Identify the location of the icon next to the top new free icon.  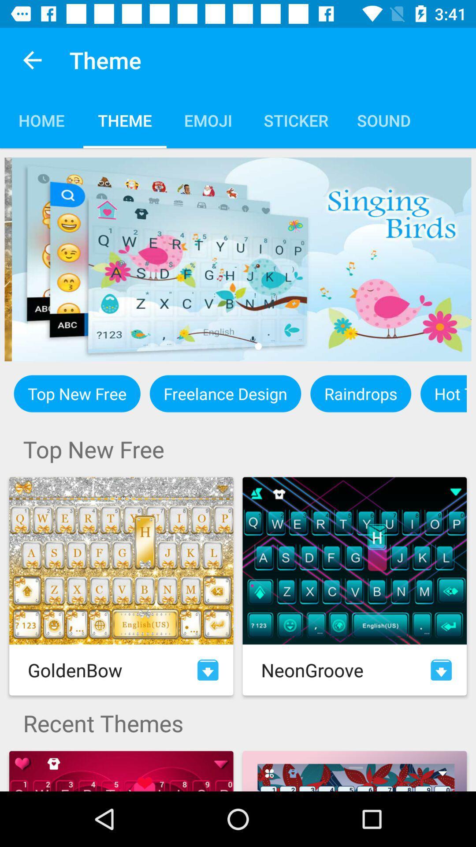
(225, 393).